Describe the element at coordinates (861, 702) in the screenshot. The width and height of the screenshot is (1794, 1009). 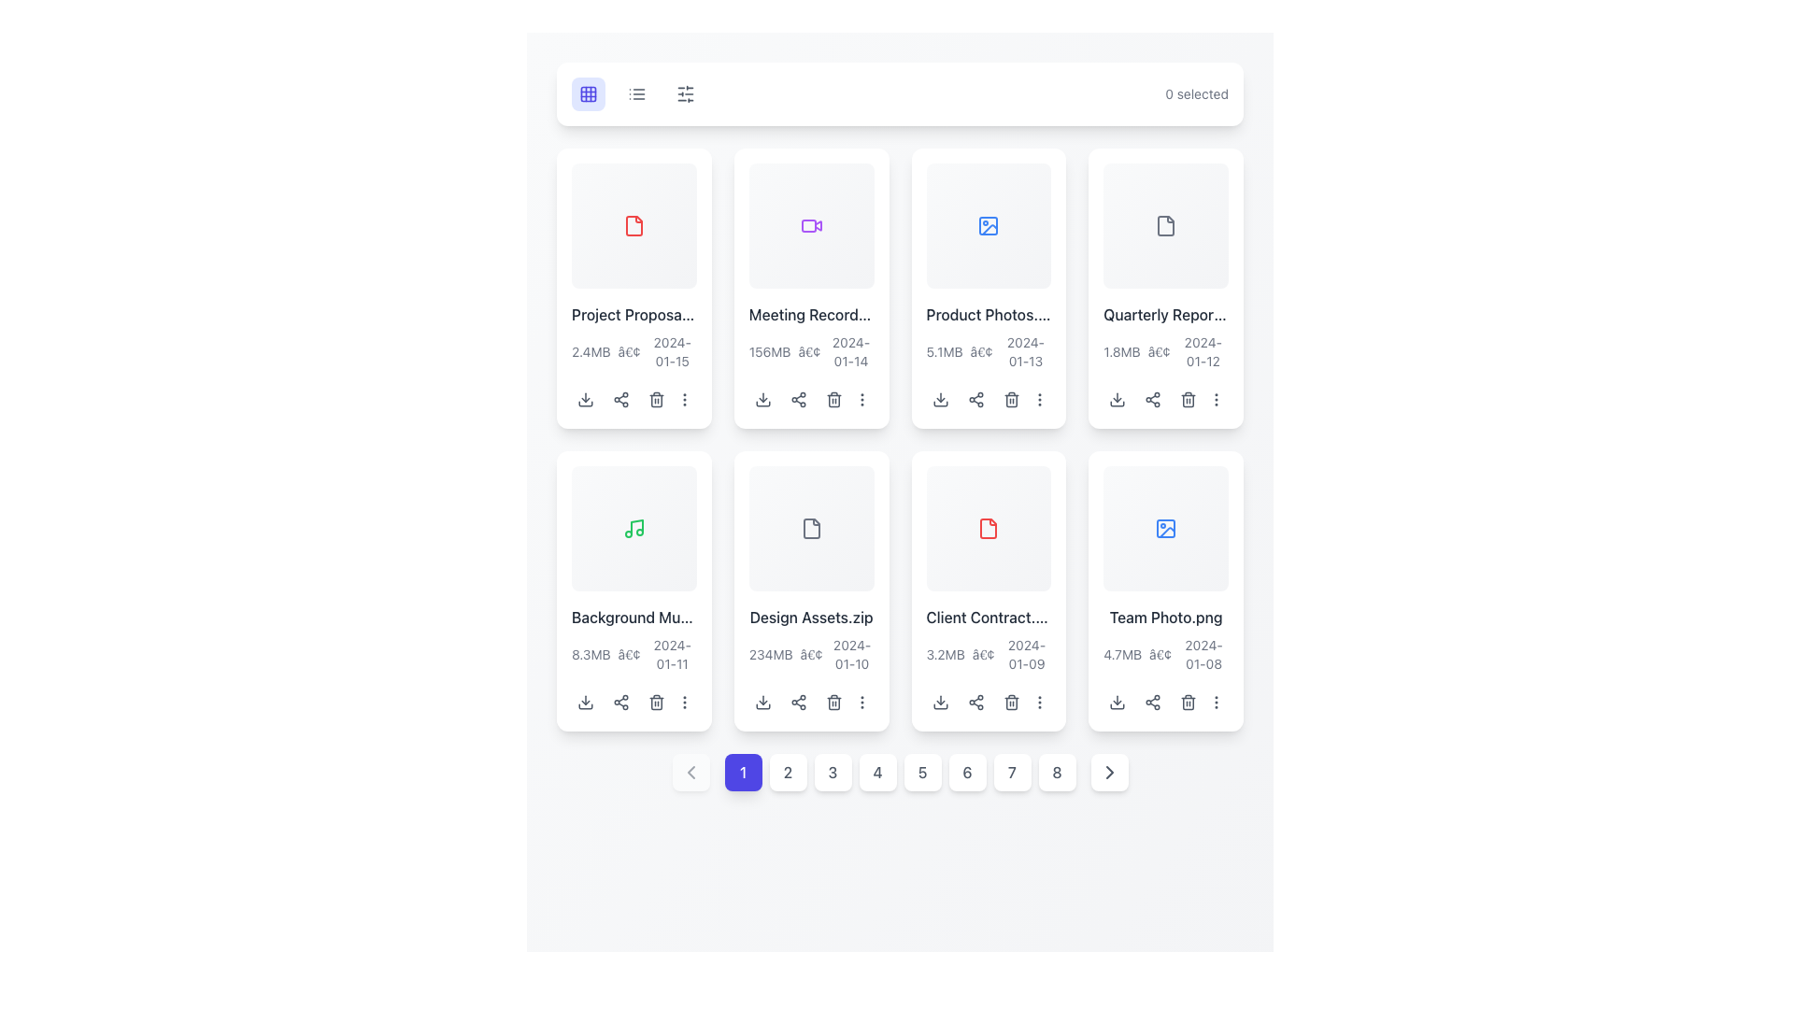
I see `the vertical ellipsis icon in the bottom-right corner of the 'Design Assets.zip' file card` at that location.